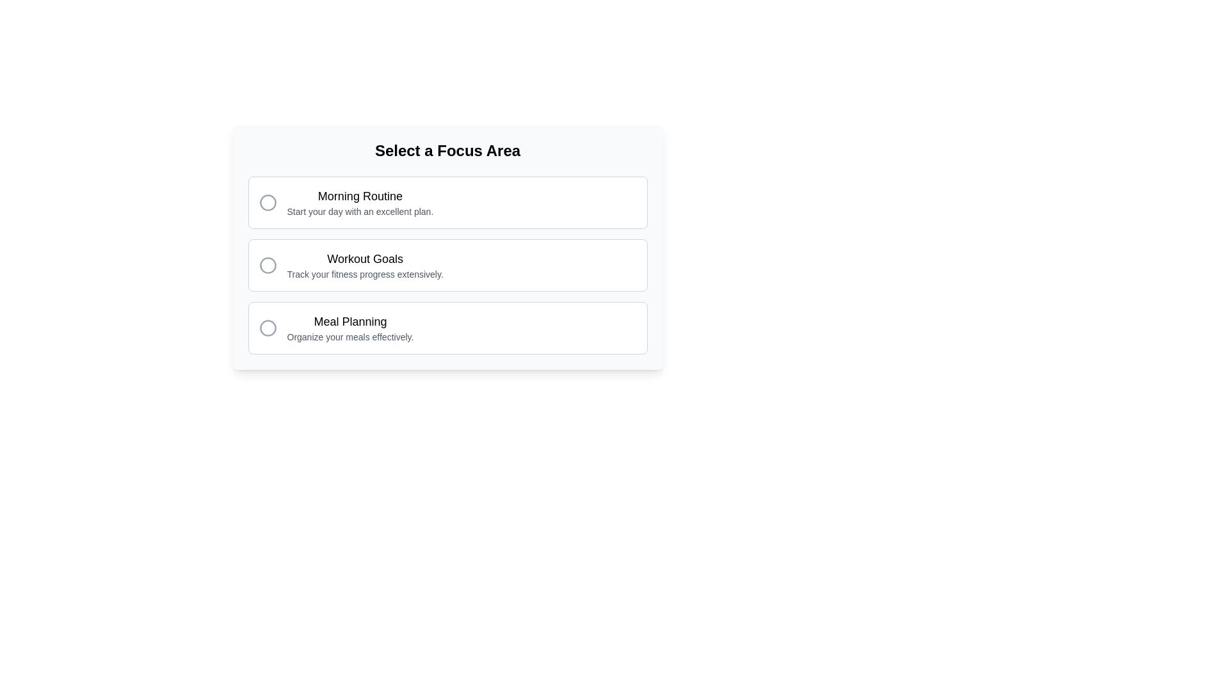 The height and width of the screenshot is (691, 1229). I want to click on the circular radio button located on the left side of the 'Workout Goals' section for visual feedback, so click(267, 265).